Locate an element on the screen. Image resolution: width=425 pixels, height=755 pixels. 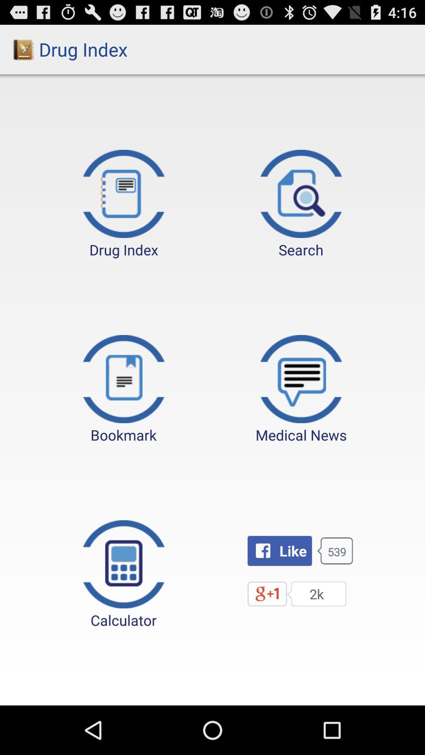
icon below bookmark icon is located at coordinates (124, 575).